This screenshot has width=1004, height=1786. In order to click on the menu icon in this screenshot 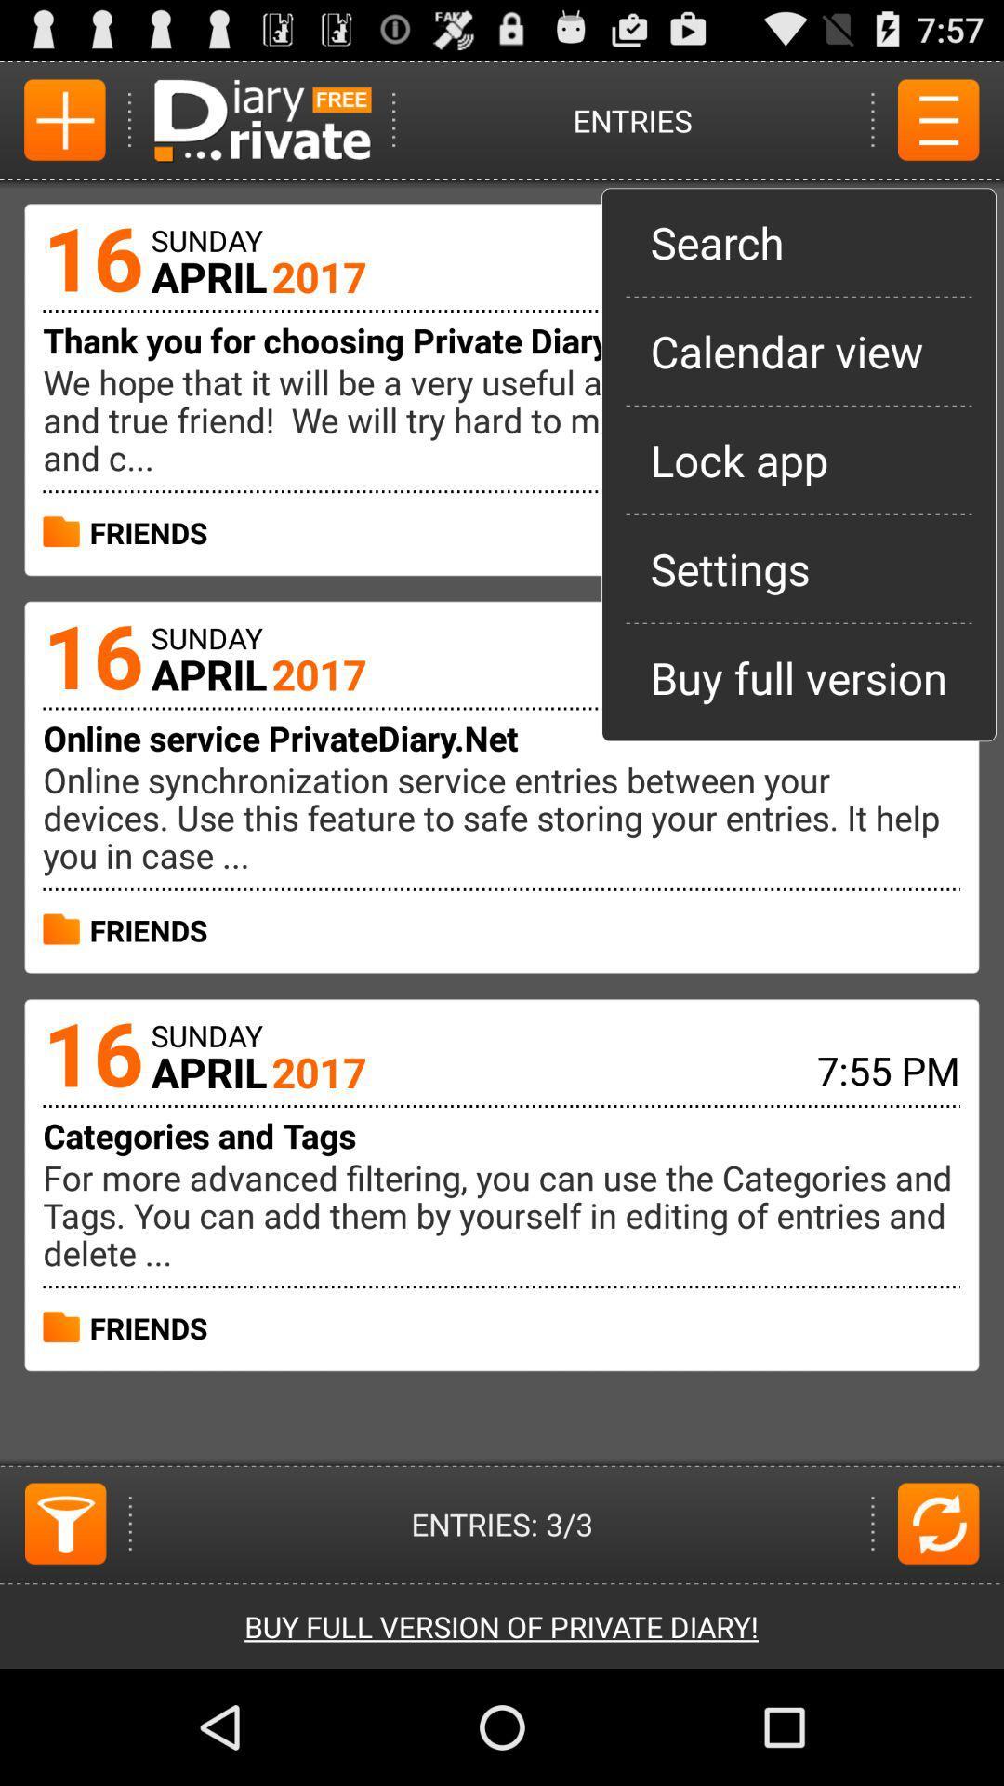, I will do `click(938, 127)`.